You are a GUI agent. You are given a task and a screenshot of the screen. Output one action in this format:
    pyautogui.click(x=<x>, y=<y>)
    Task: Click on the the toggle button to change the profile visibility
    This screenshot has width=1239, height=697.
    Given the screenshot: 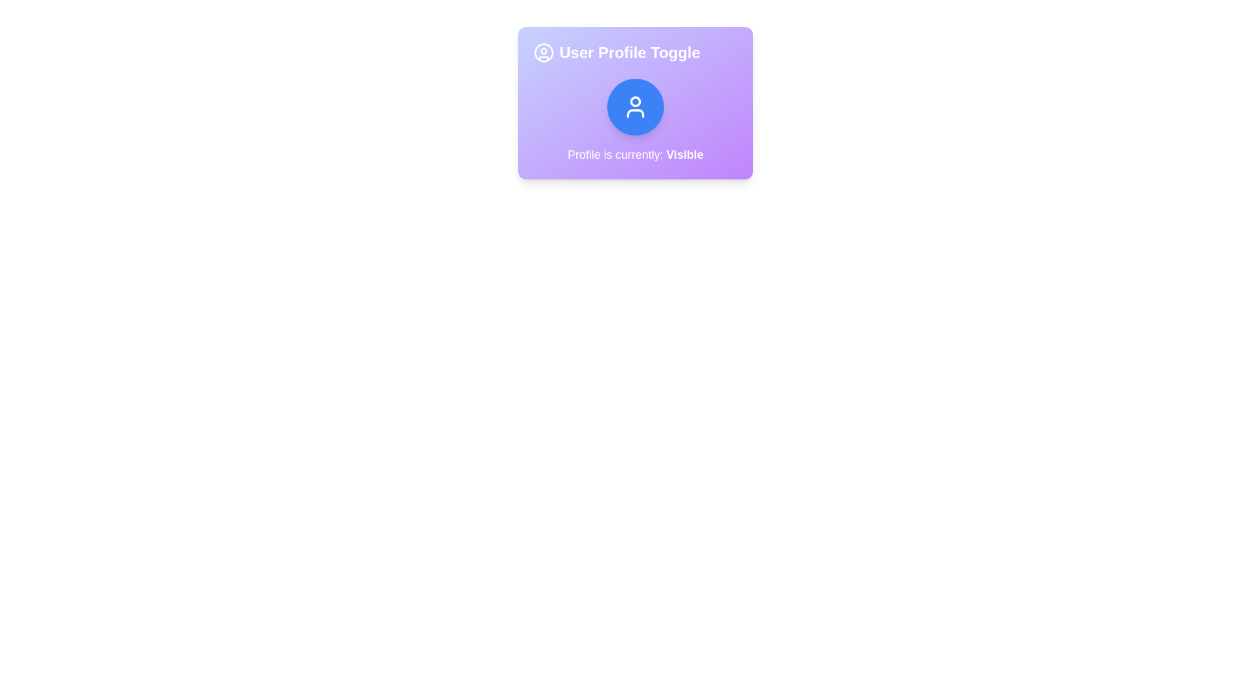 What is the action you would take?
    pyautogui.click(x=635, y=106)
    